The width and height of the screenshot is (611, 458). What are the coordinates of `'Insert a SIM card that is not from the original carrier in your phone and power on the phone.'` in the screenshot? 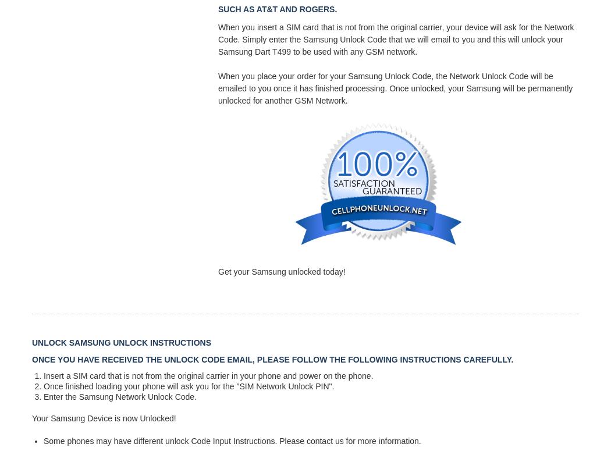 It's located at (208, 375).